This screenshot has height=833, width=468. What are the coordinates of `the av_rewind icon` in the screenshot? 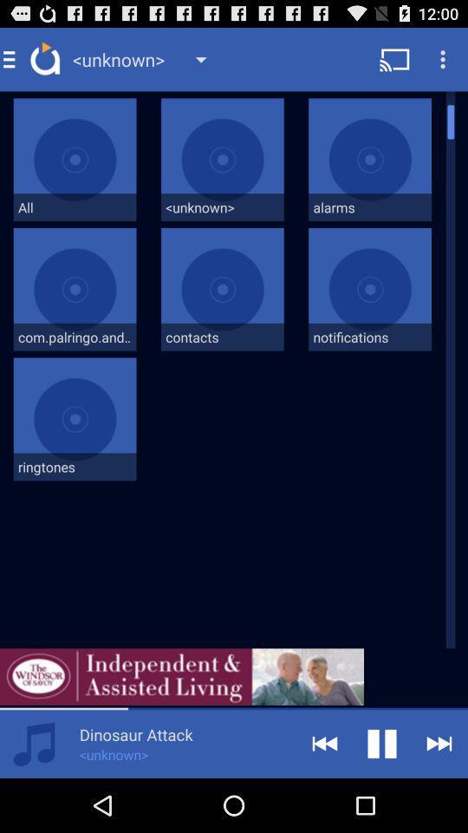 It's located at (324, 796).